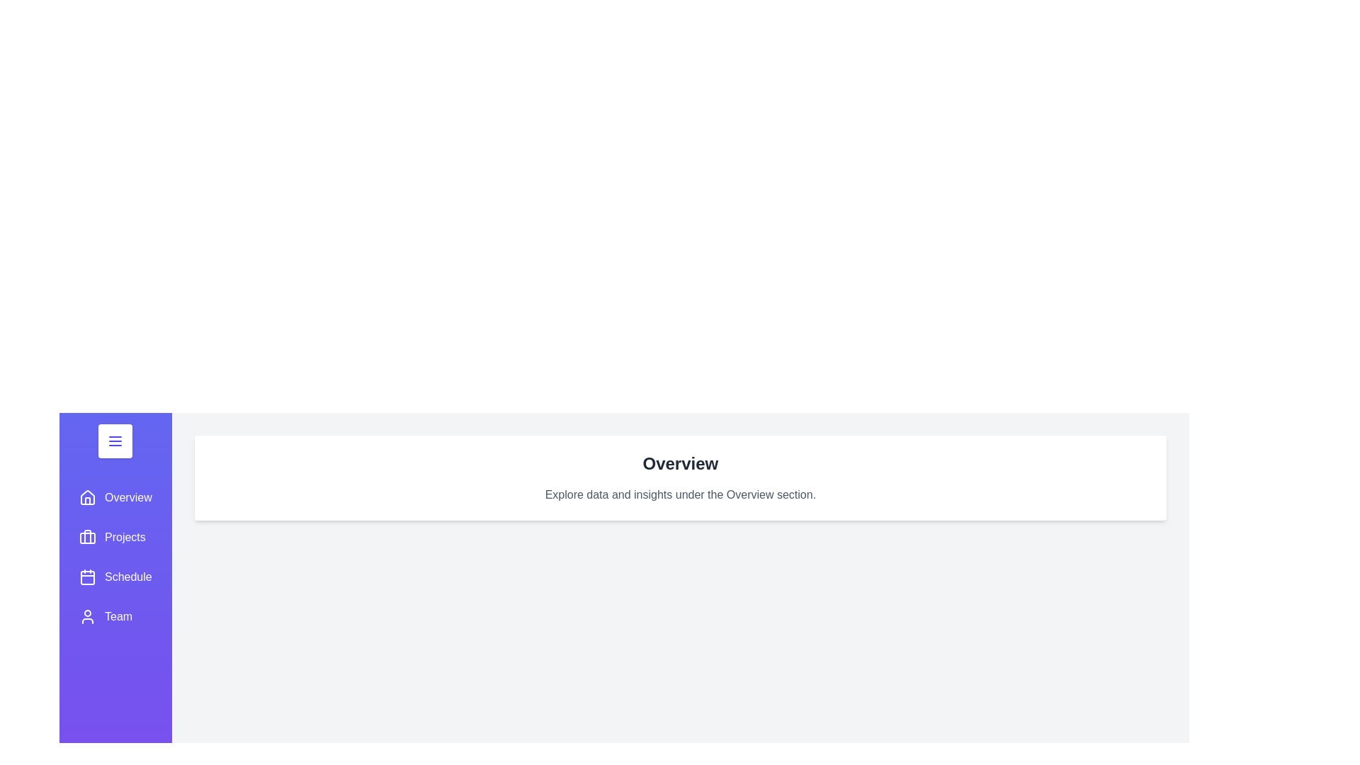 Image resolution: width=1360 pixels, height=765 pixels. What do you see at coordinates (115, 497) in the screenshot?
I see `the section Overview from the sidebar` at bounding box center [115, 497].